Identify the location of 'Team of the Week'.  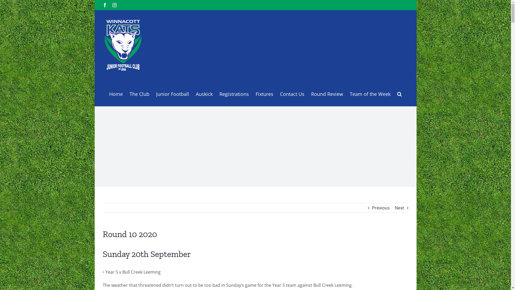
(370, 93).